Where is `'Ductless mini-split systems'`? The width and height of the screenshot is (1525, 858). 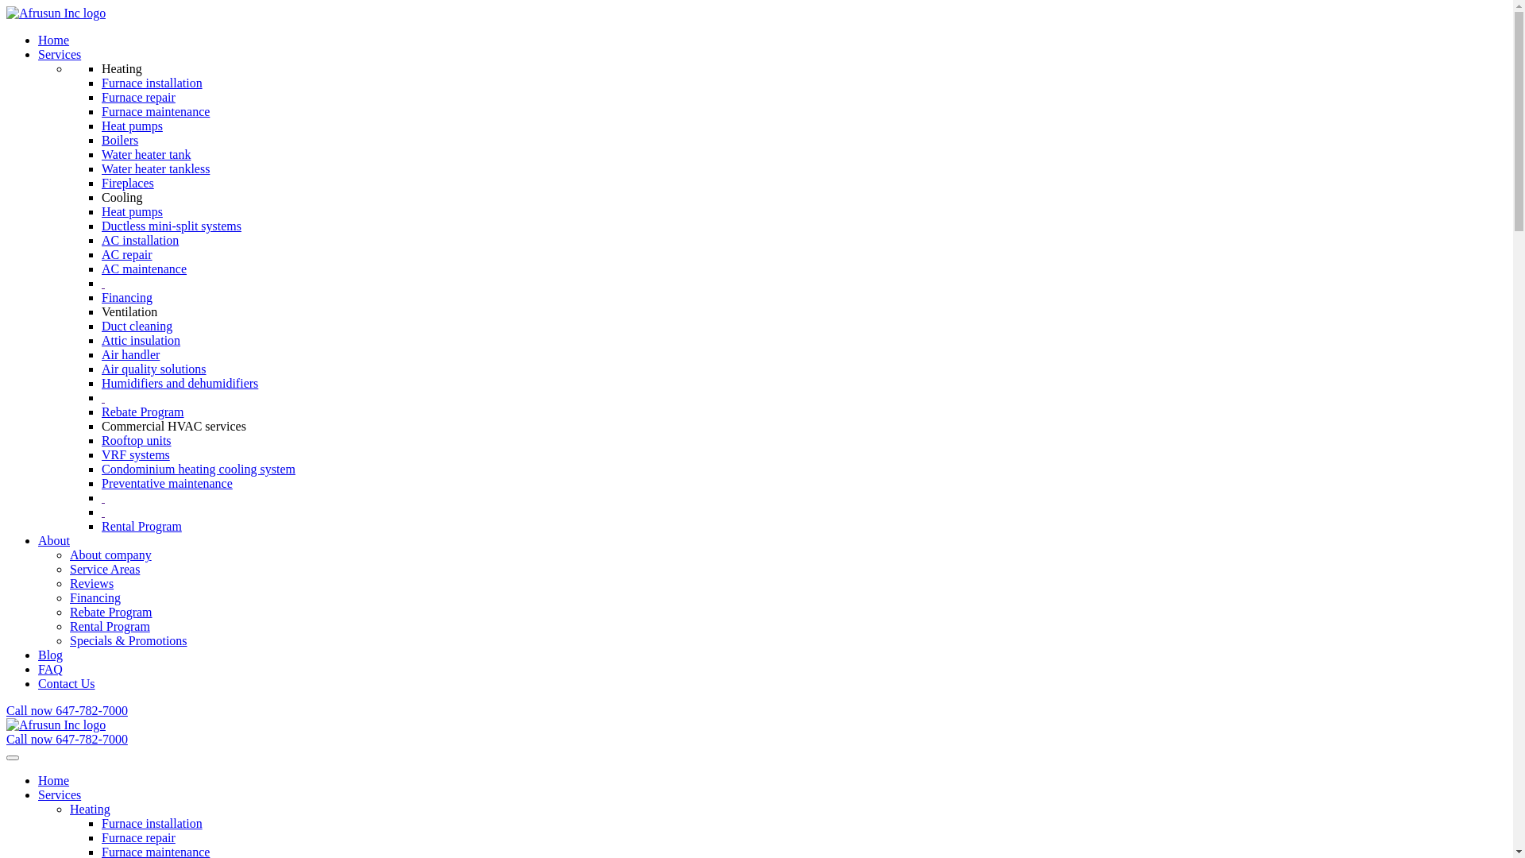
'Ductless mini-split systems' is located at coordinates (172, 226).